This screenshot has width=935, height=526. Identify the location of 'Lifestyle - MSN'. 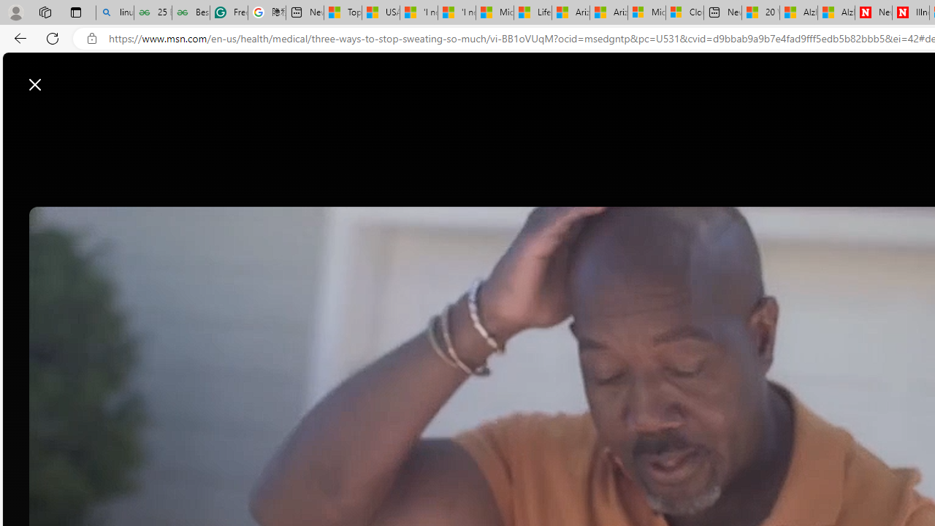
(532, 12).